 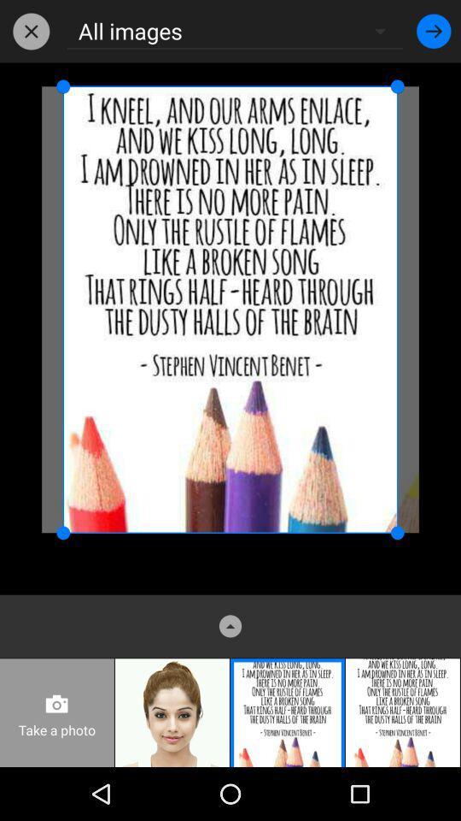 I want to click on icon to the left of all images, so click(x=31, y=30).